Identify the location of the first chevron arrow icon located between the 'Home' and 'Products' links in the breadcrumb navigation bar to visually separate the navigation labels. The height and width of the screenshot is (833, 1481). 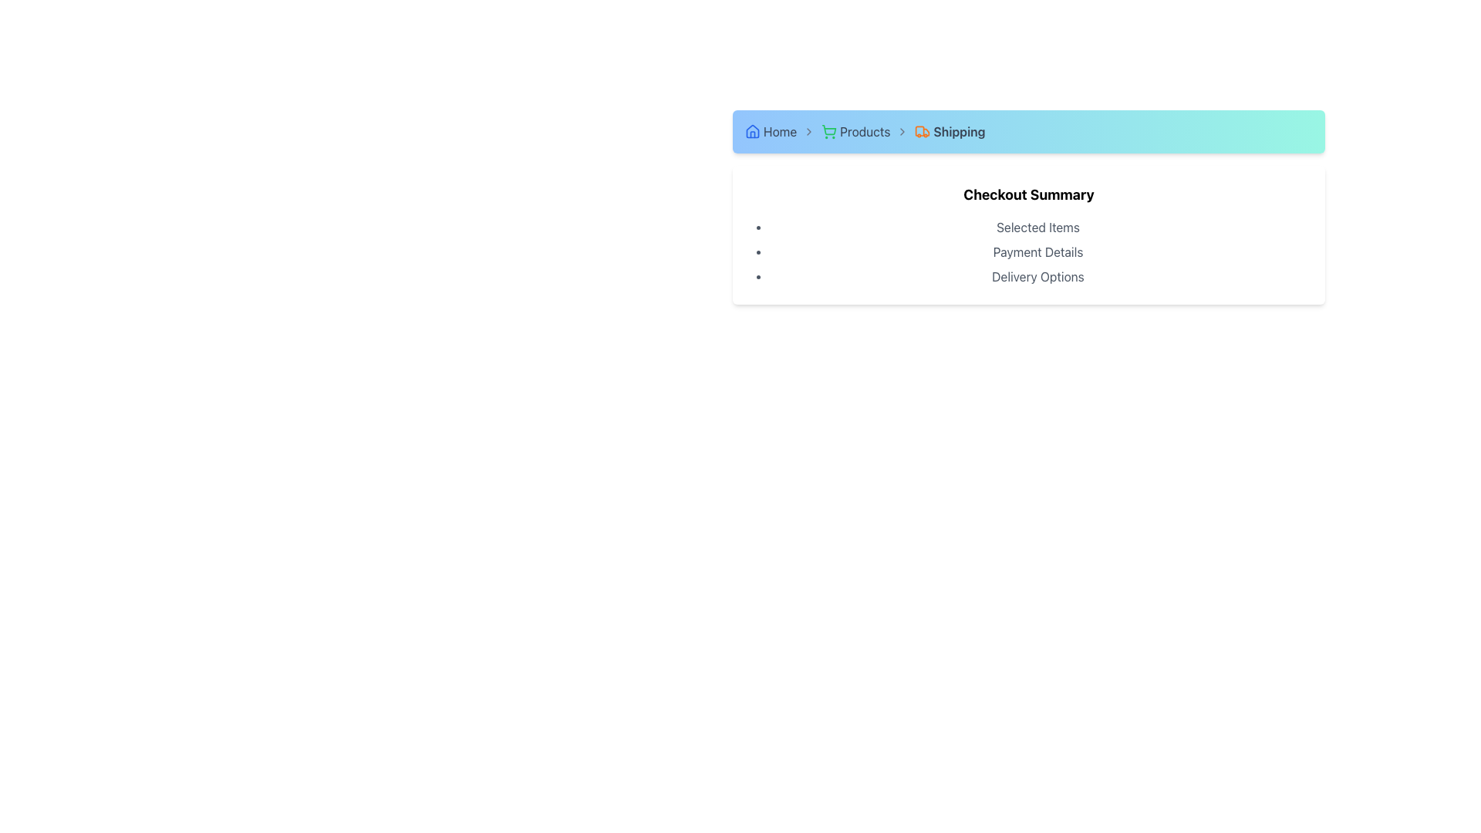
(808, 130).